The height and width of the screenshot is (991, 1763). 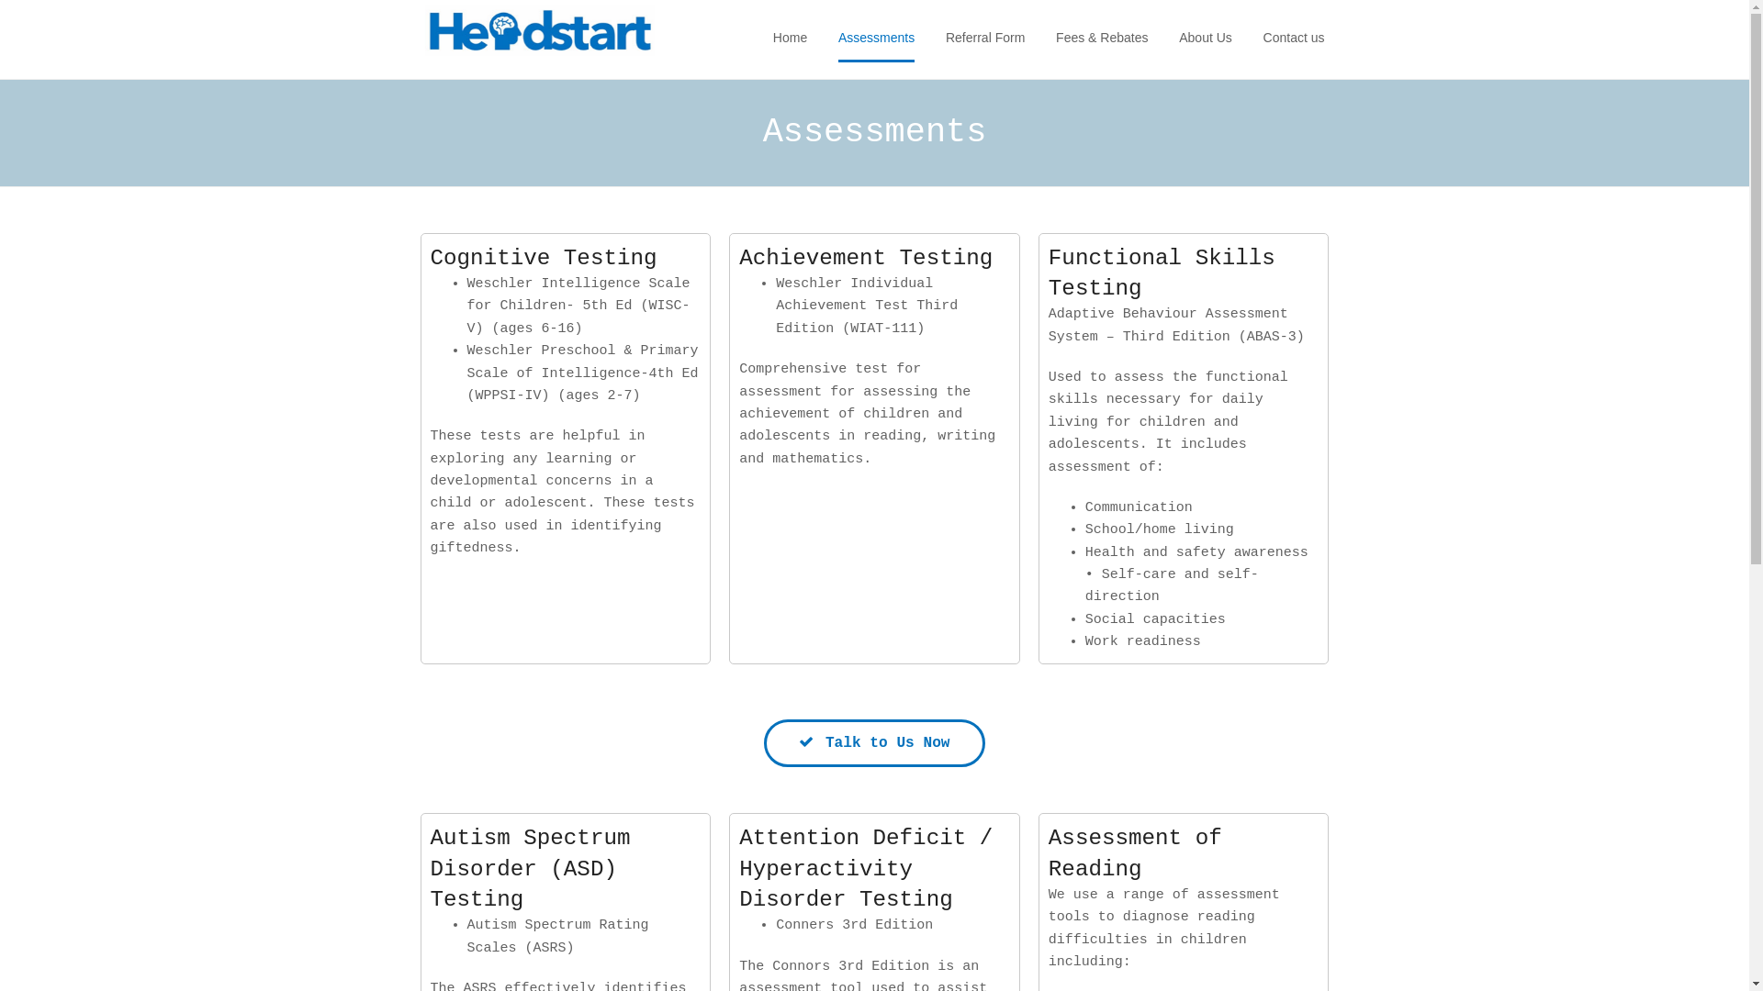 What do you see at coordinates (875, 39) in the screenshot?
I see `'Assessments'` at bounding box center [875, 39].